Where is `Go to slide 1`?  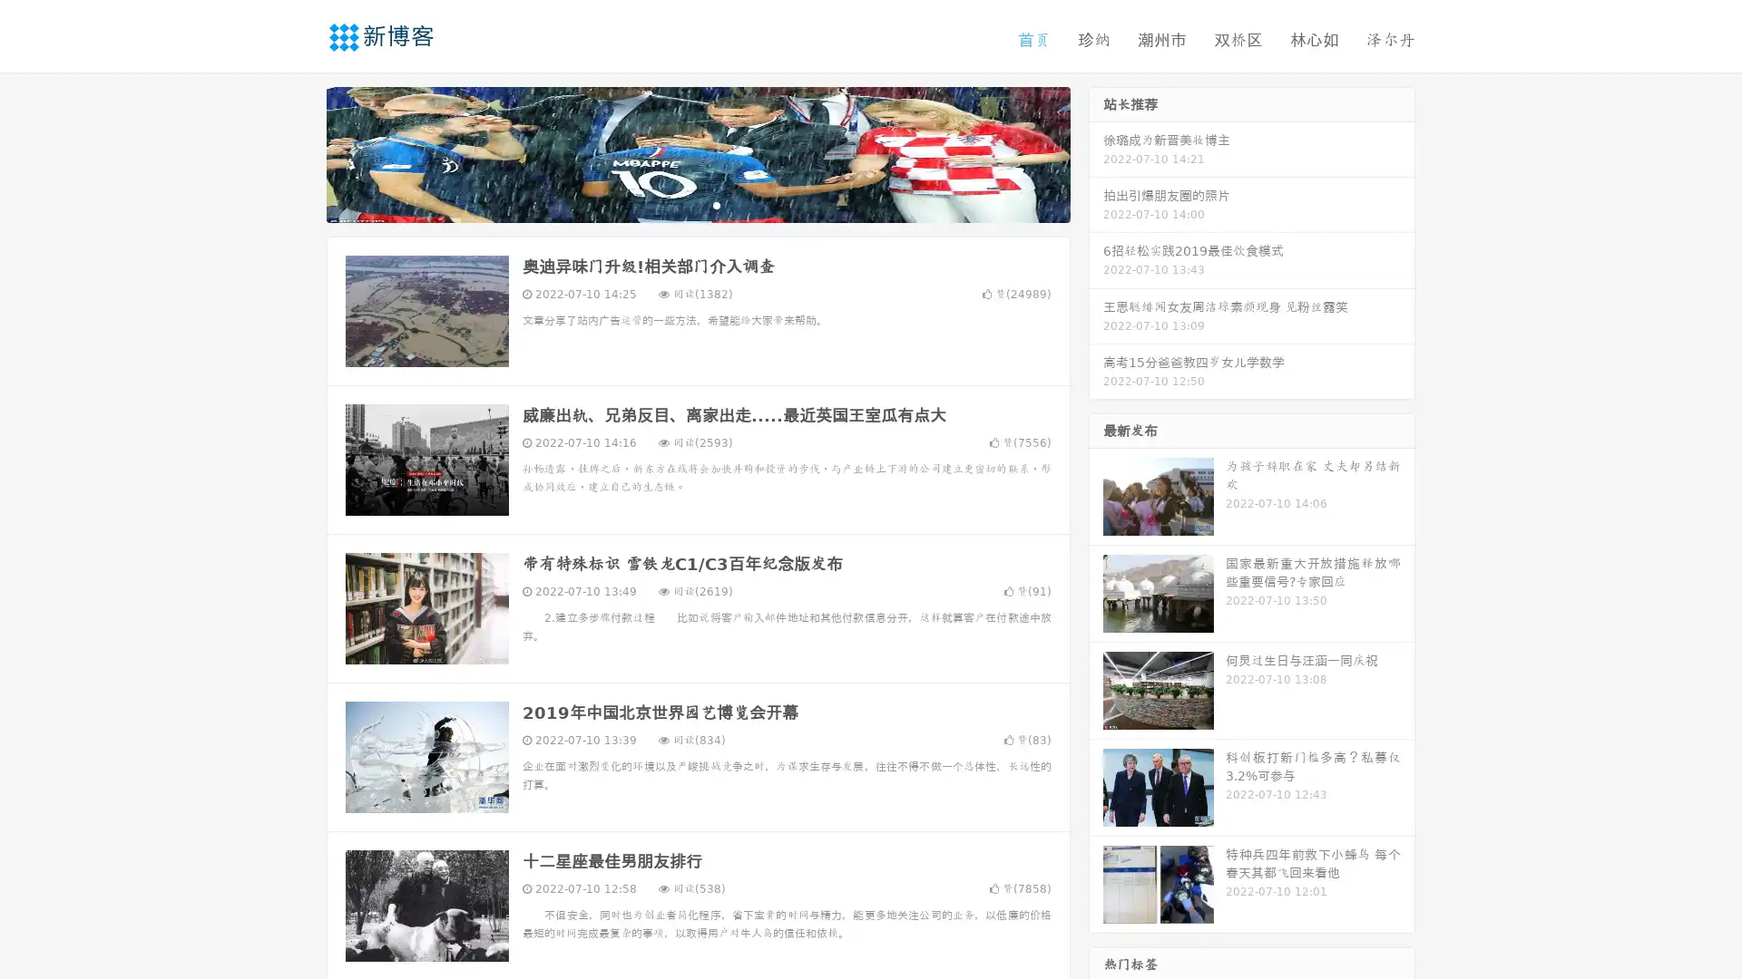
Go to slide 1 is located at coordinates (679, 204).